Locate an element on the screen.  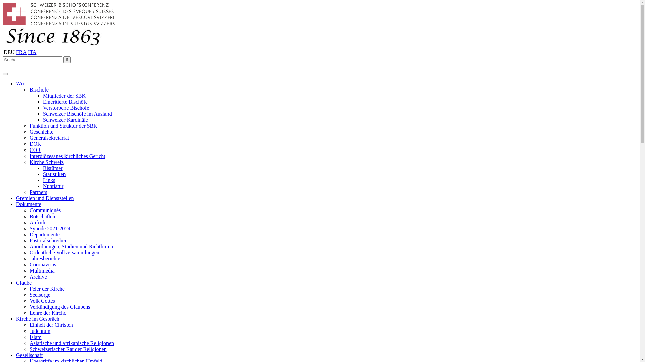
'Asiatische und afrikanische Religionen' is located at coordinates (29, 343).